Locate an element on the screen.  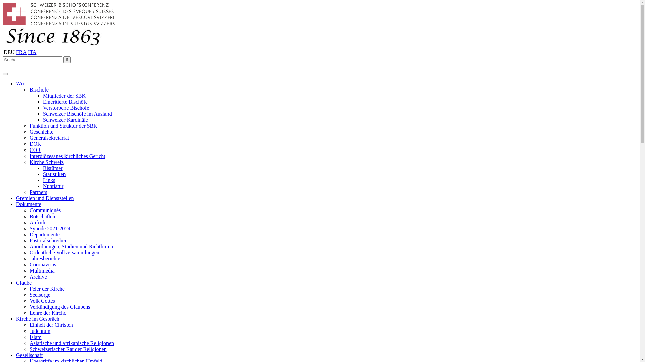
'Asiatische und afrikanische Religionen' is located at coordinates (29, 343).